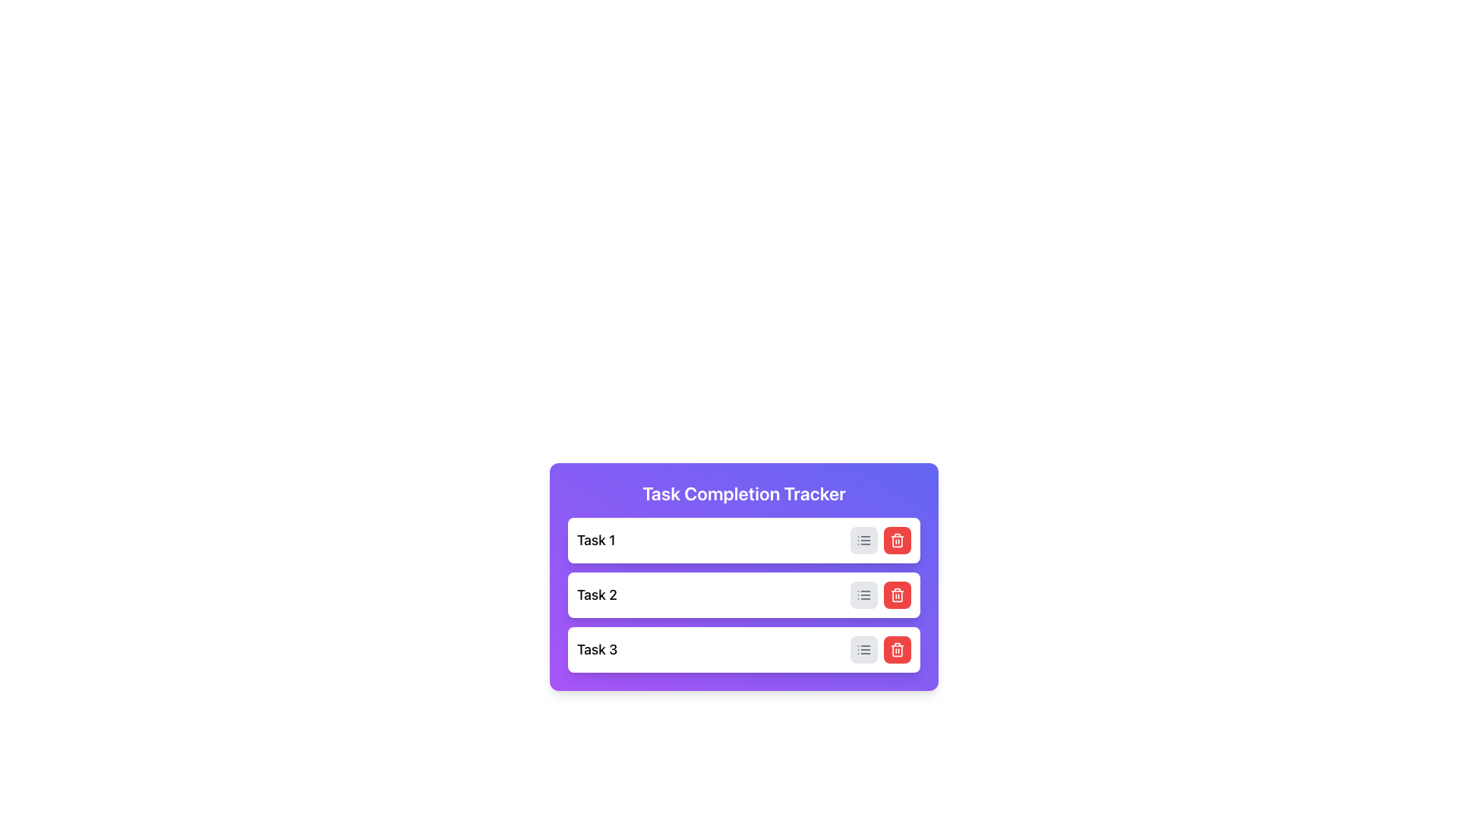 The image size is (1458, 820). What do you see at coordinates (595, 540) in the screenshot?
I see `the 'Task 1' text label, which is styled with a bold medium-sized font and located at the beginning of the first task item in the task list` at bounding box center [595, 540].